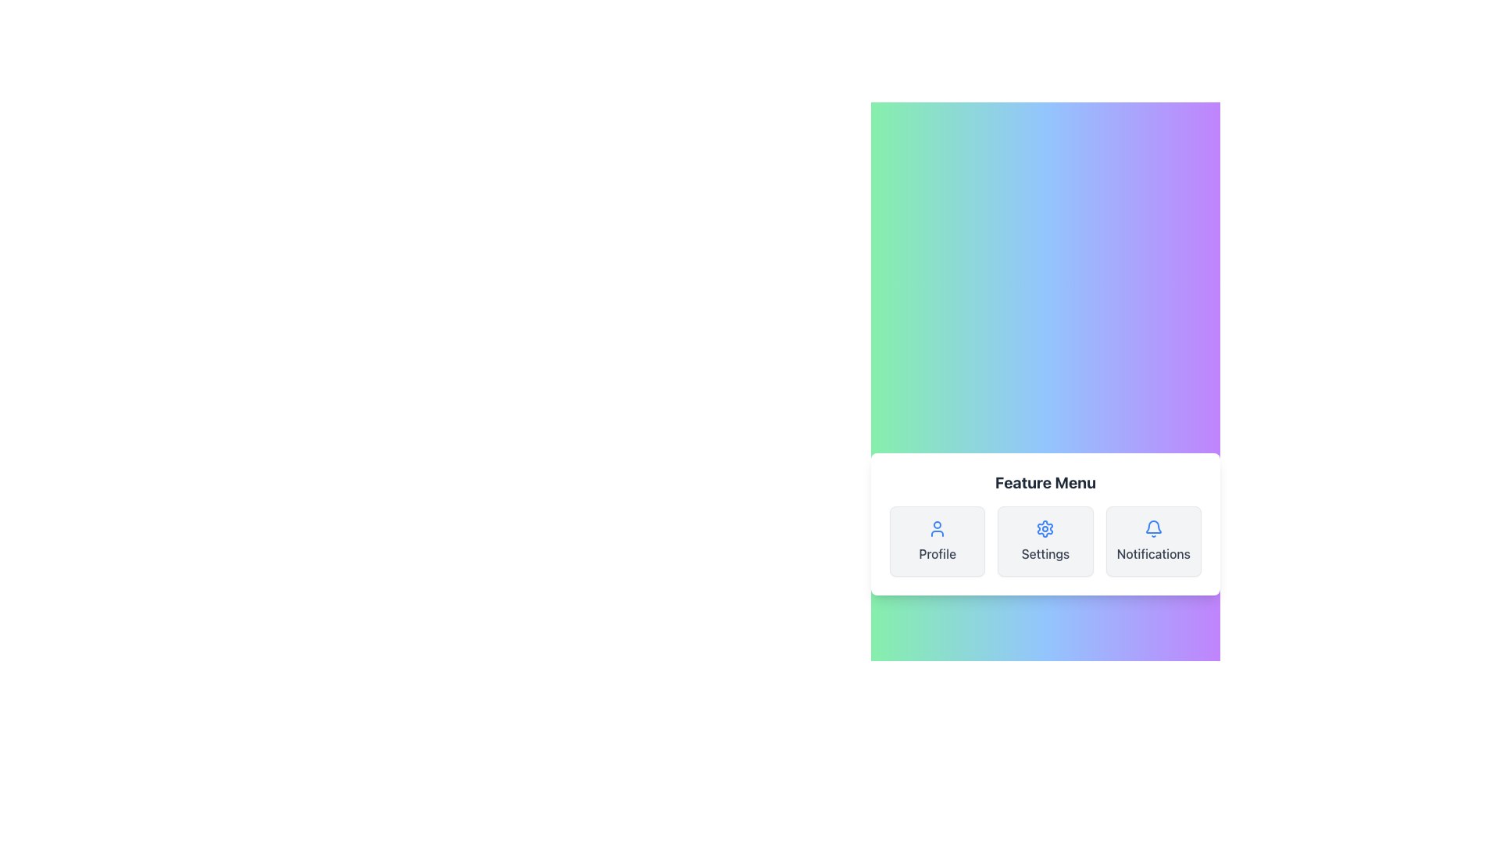 The image size is (1500, 844). What do you see at coordinates (1153, 541) in the screenshot?
I see `the notifications button located in the bottom-right corner of the grid layout` at bounding box center [1153, 541].